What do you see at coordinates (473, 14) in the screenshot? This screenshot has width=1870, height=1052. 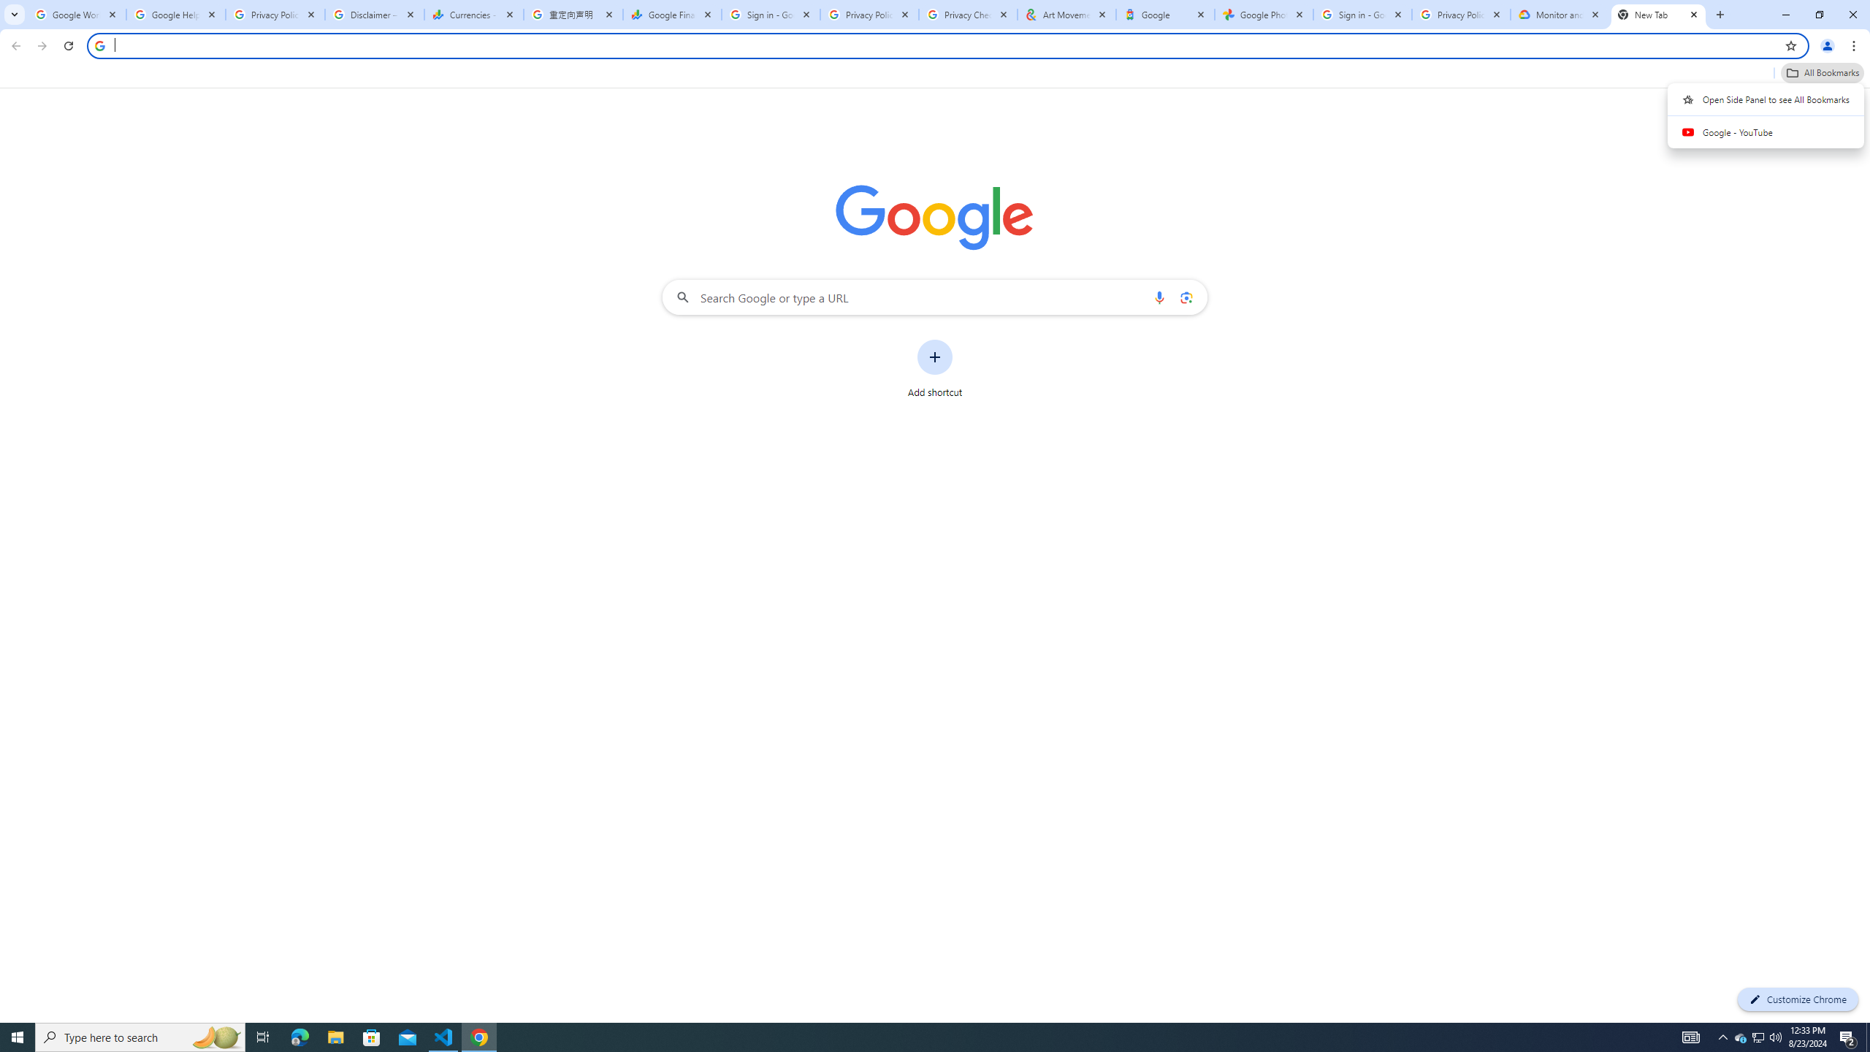 I see `'Currencies - Google Finance'` at bounding box center [473, 14].